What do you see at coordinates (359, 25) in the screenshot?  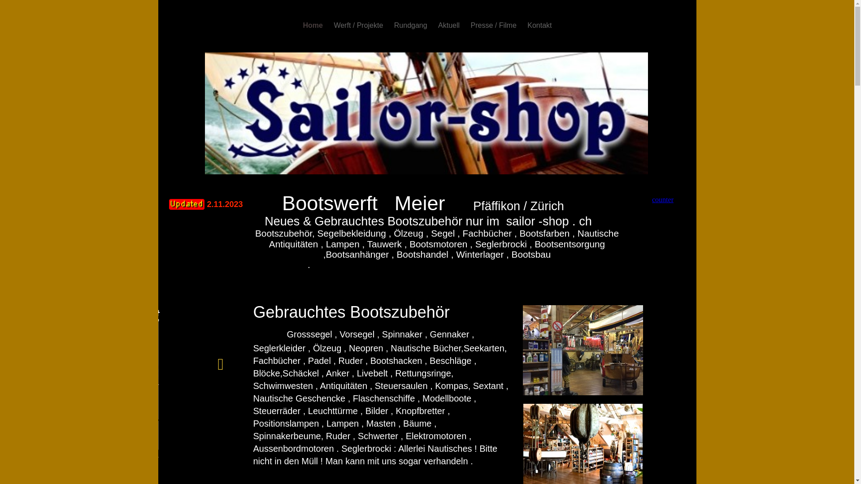 I see `'Werft / Projekte'` at bounding box center [359, 25].